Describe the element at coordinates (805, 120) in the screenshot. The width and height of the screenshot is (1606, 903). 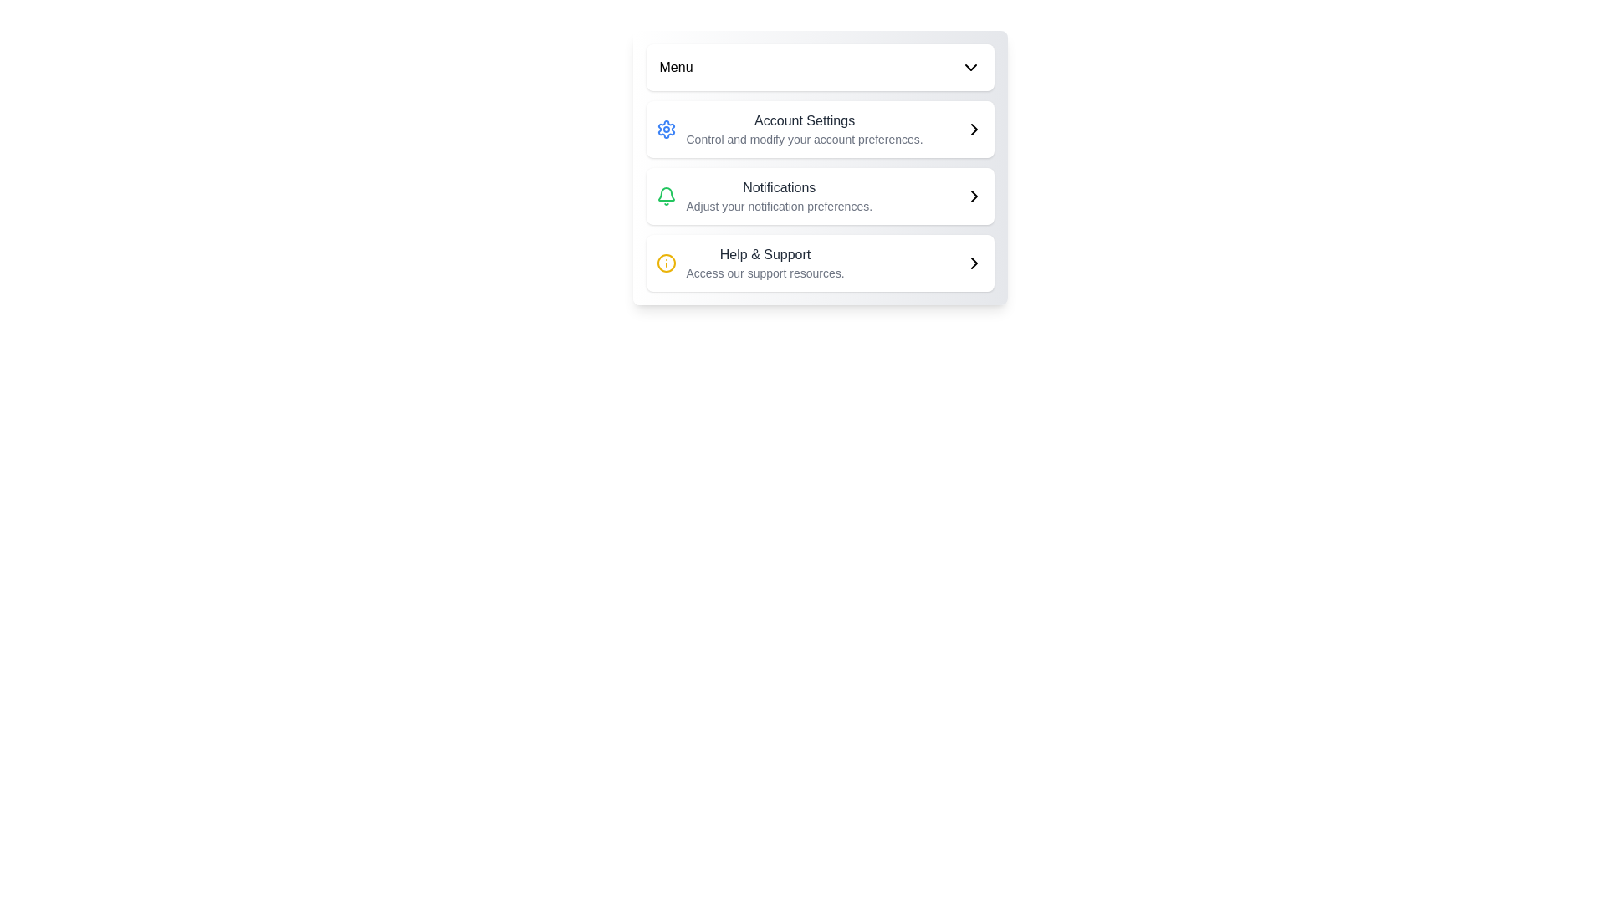
I see `the 'Account Settings' label, which is styled with a medium font weight and dark gray color, located in the first section of the vertical list of menu items` at that location.